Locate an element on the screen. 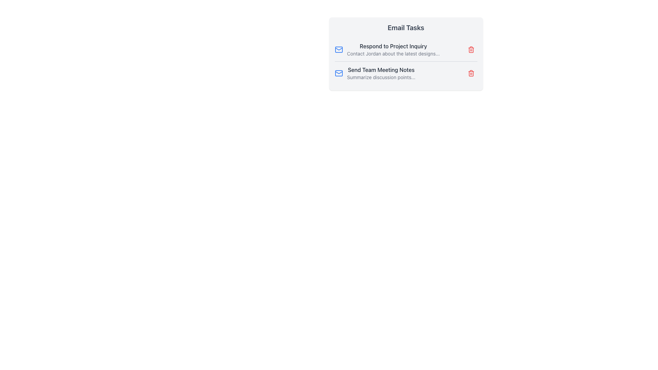 The height and width of the screenshot is (370, 658). the rectangular icon within the blue outlined email envelope that represents the 'Send Team Meeting Notes' task is located at coordinates (339, 73).